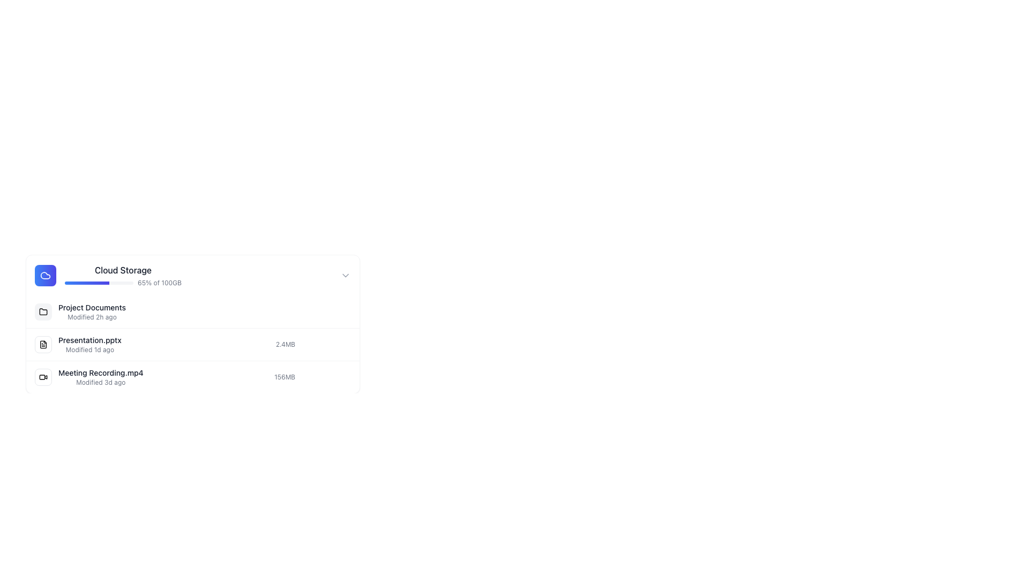 This screenshot has width=1029, height=578. I want to click on the three-dot menu button located at the far right of the 'Project Documents' row, so click(345, 311).